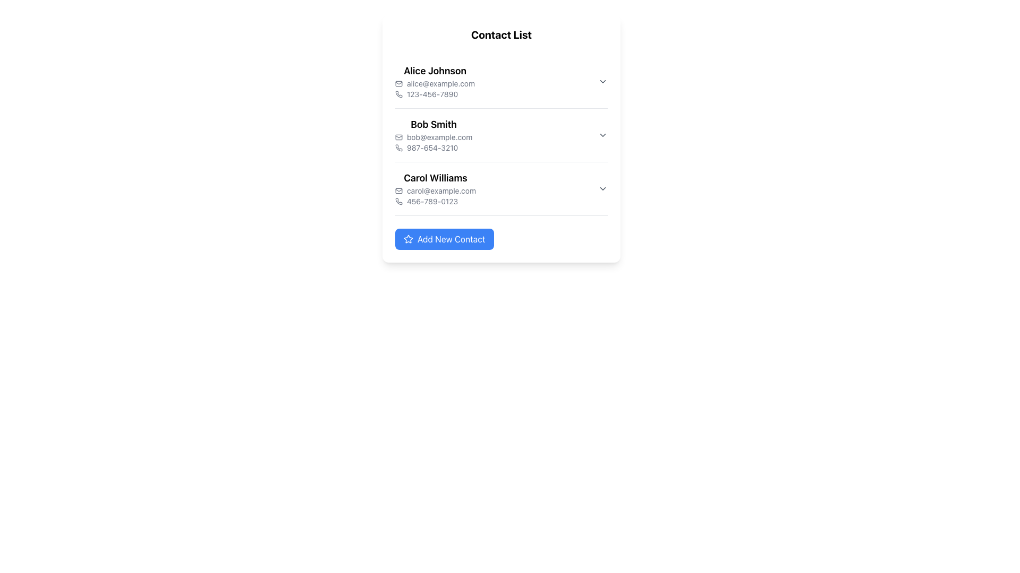 Image resolution: width=1020 pixels, height=573 pixels. I want to click on the SVG Icon element depicting an envelope, which is located at the beginning of the row associated with 'Bob Smith', so click(398, 136).